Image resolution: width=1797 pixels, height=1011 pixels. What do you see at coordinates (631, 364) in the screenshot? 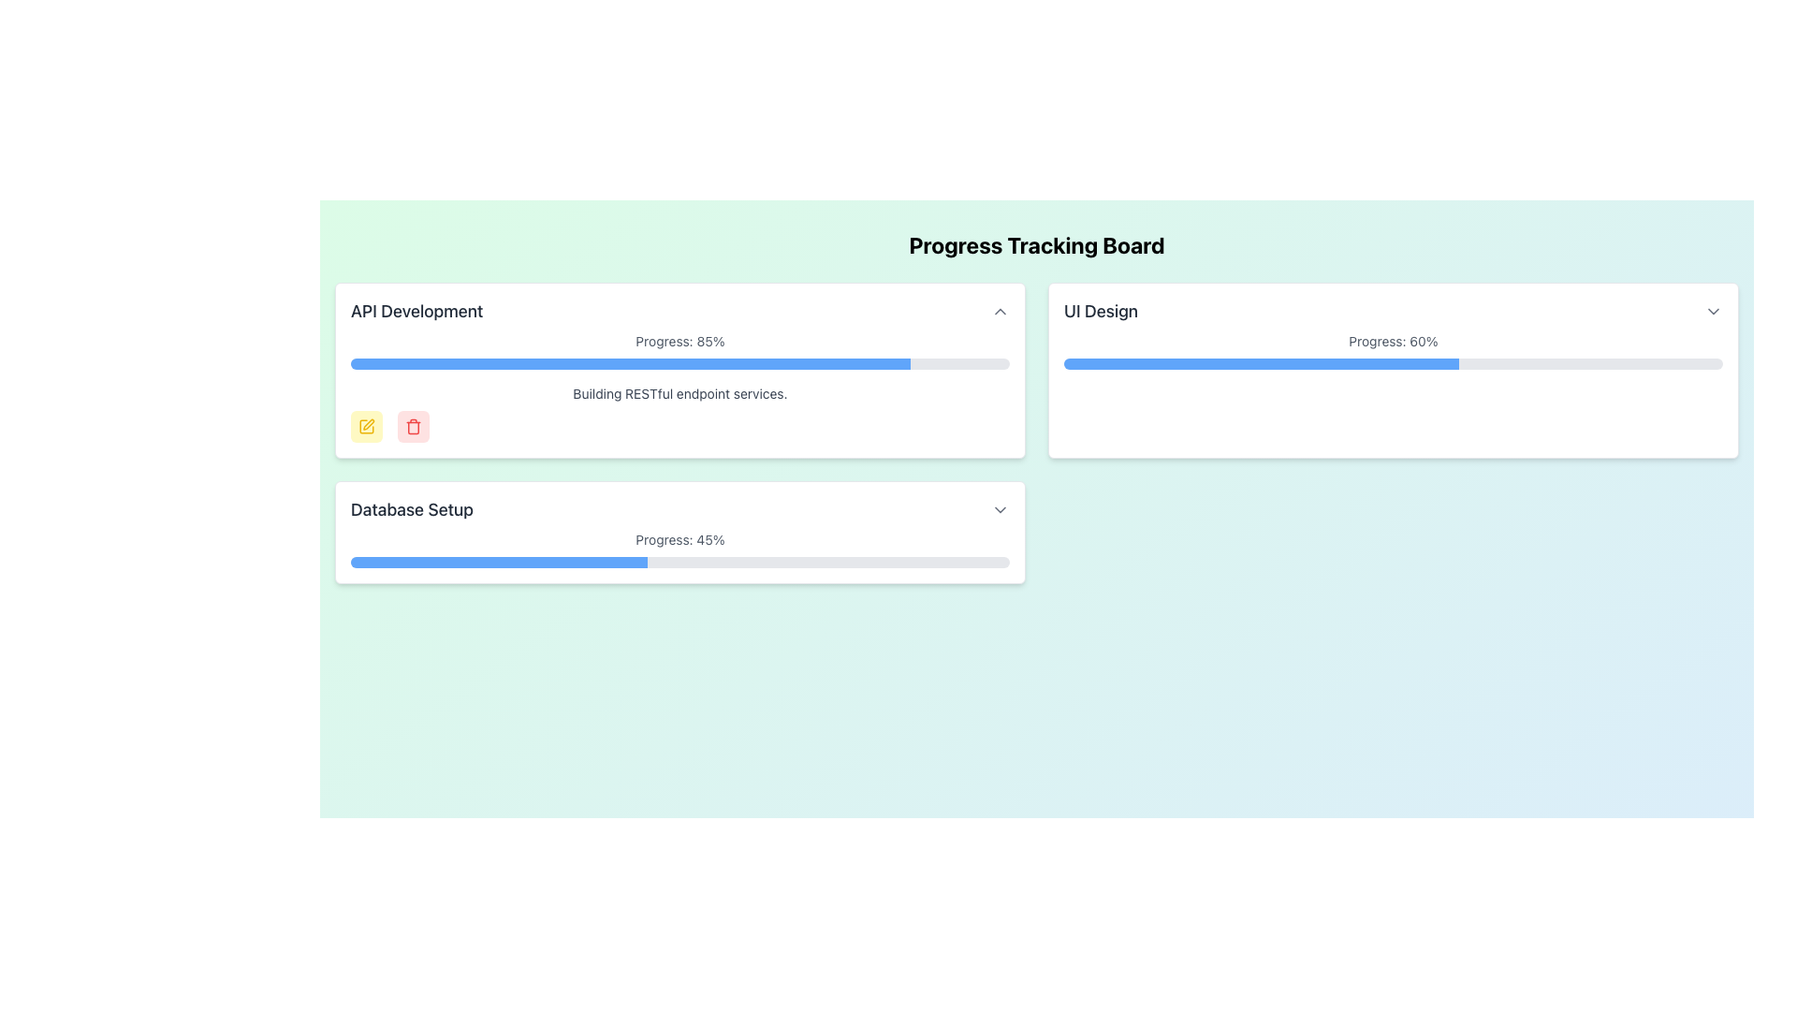
I see `the progress bar indicating 85% completion status within the 'API Development' card located in the upper-left quadrant of the interface` at bounding box center [631, 364].